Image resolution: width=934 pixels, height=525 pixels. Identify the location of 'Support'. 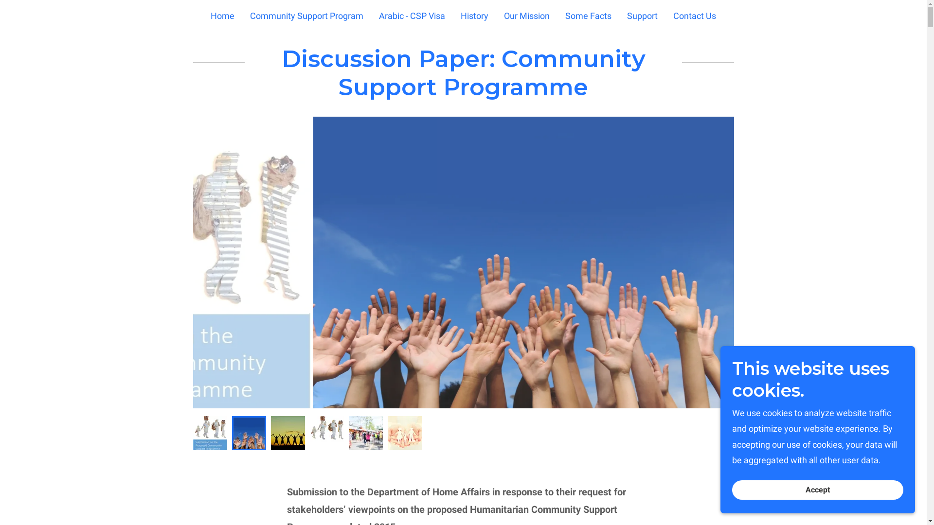
(642, 15).